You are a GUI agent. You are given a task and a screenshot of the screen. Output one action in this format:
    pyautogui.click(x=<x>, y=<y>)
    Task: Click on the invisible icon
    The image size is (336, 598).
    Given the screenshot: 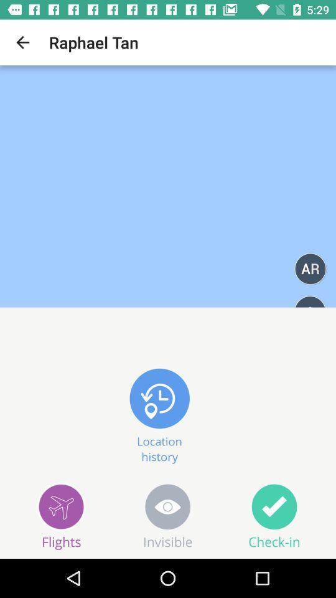 What is the action you would take?
    pyautogui.click(x=168, y=516)
    